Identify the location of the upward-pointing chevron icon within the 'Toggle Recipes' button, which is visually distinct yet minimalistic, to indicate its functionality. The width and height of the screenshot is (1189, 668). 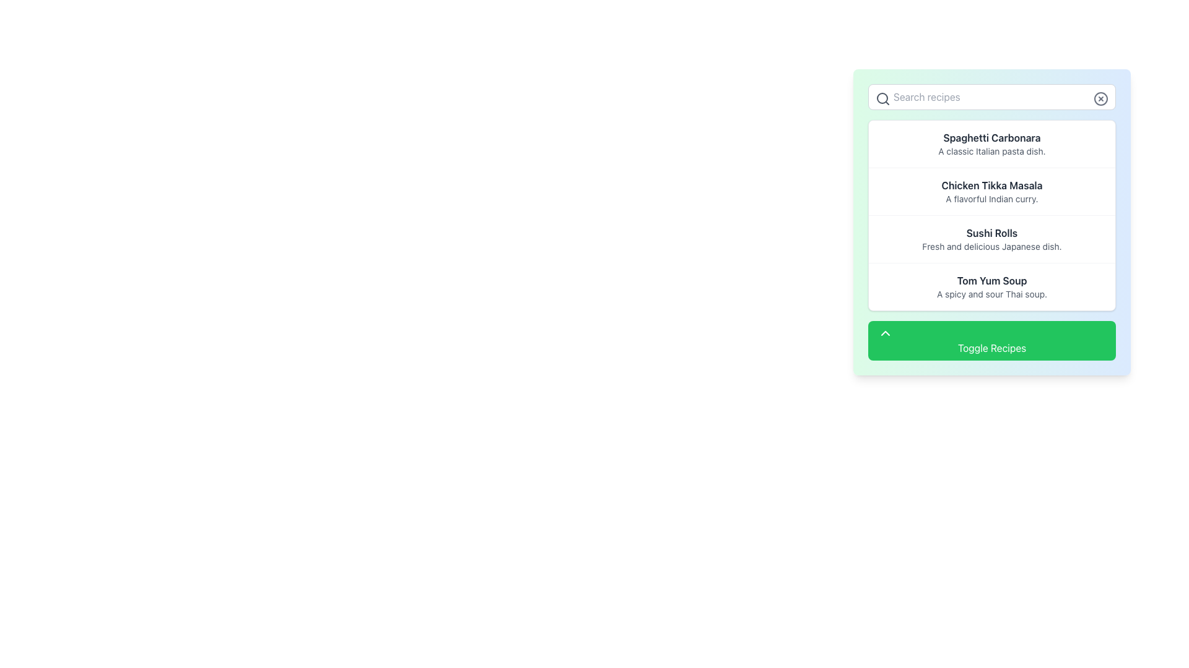
(885, 333).